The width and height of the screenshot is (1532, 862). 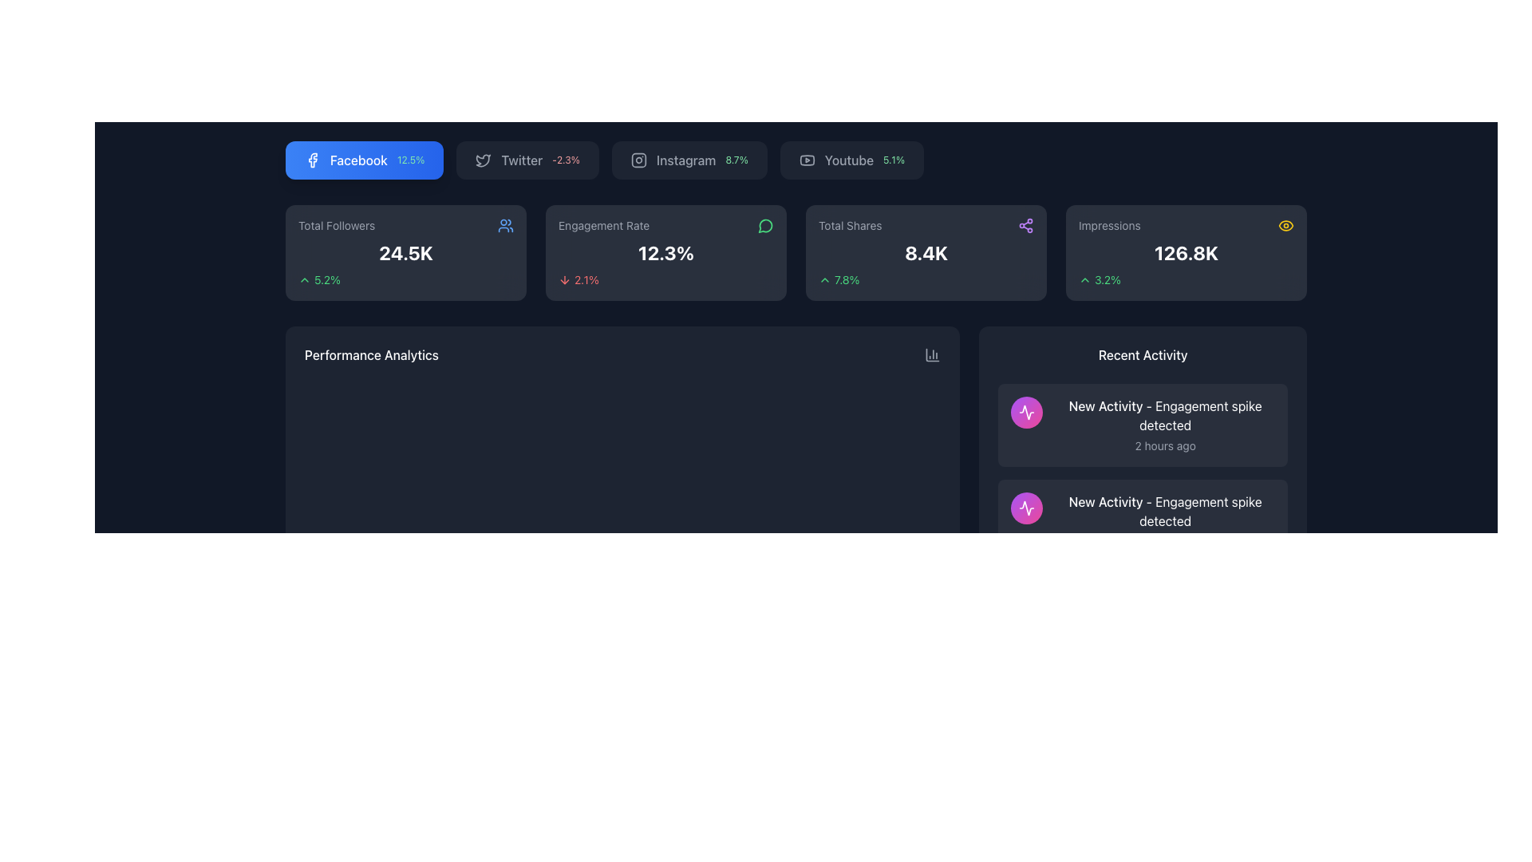 What do you see at coordinates (522, 160) in the screenshot?
I see `the Text Label displaying 'Twitter' by moving the cursor to its center point` at bounding box center [522, 160].